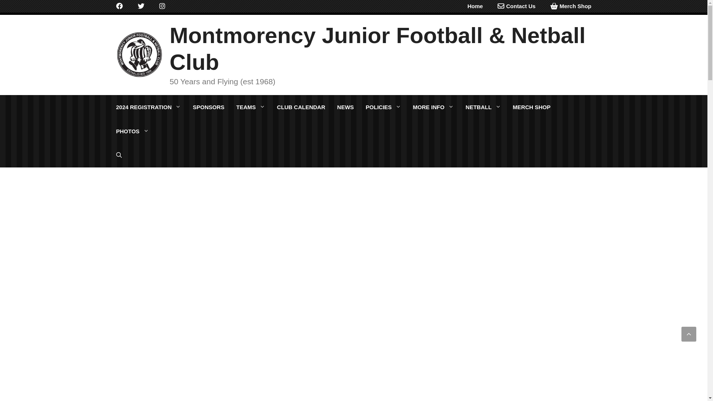 This screenshot has width=713, height=401. What do you see at coordinates (483, 107) in the screenshot?
I see `'NETBALL'` at bounding box center [483, 107].